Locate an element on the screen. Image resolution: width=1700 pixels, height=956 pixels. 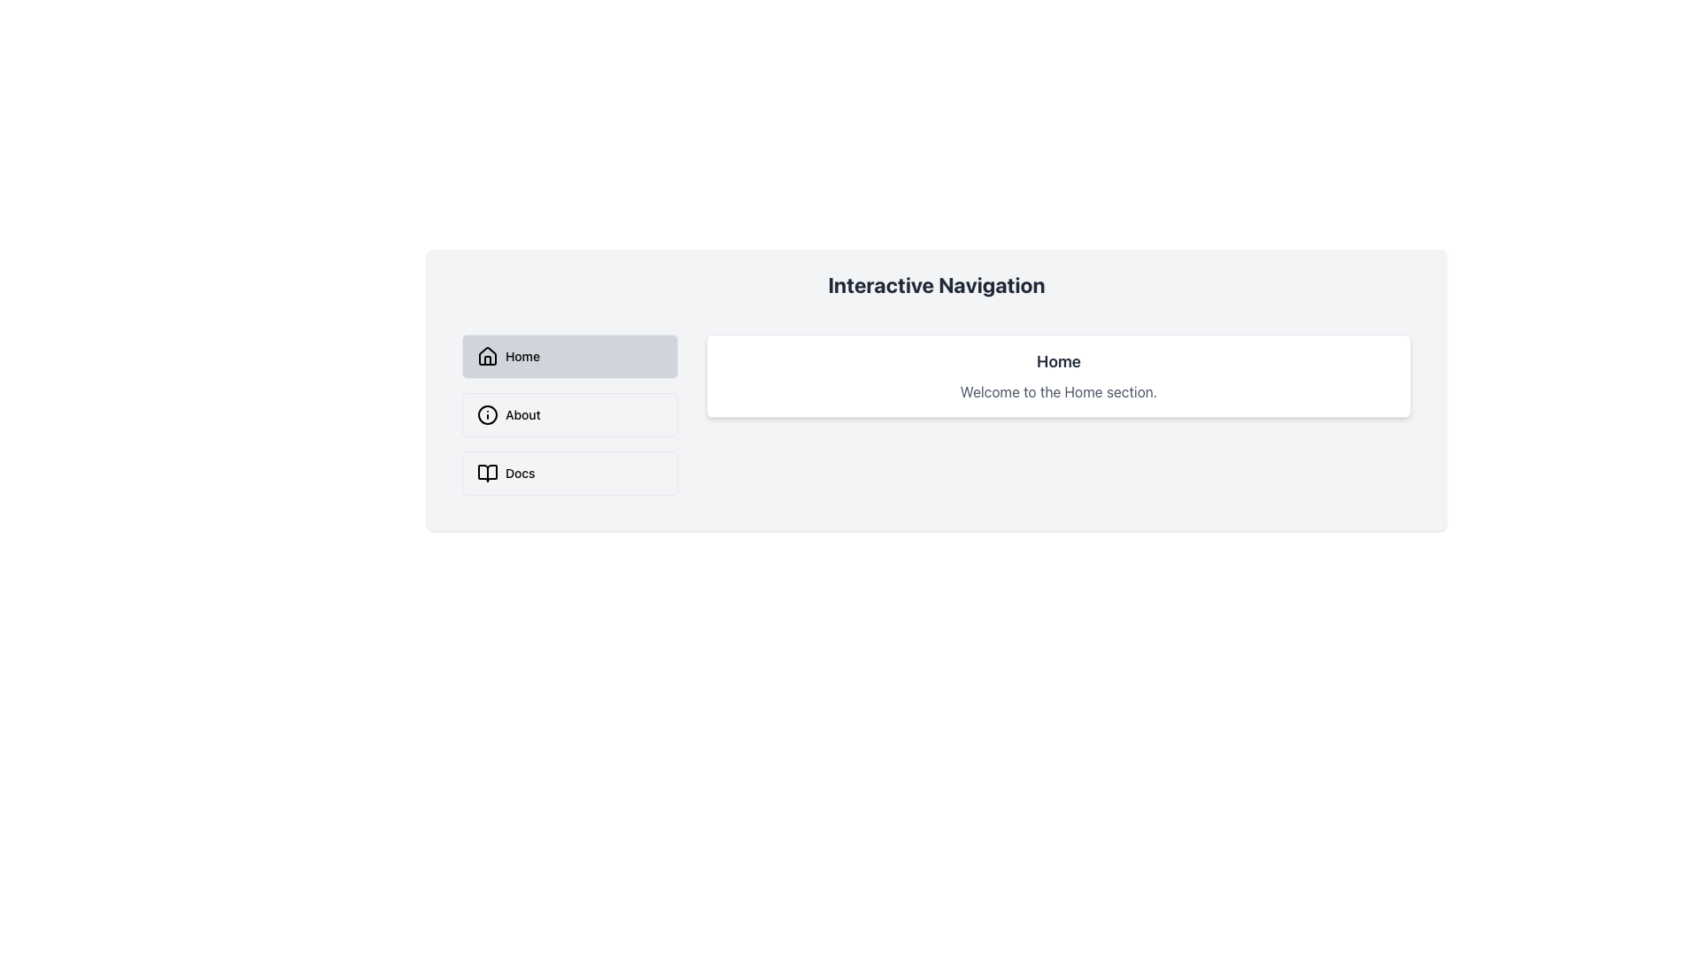
the open book icon located in the sidebar menu, adjacent to the 'Docs' text label is located at coordinates (488, 473).